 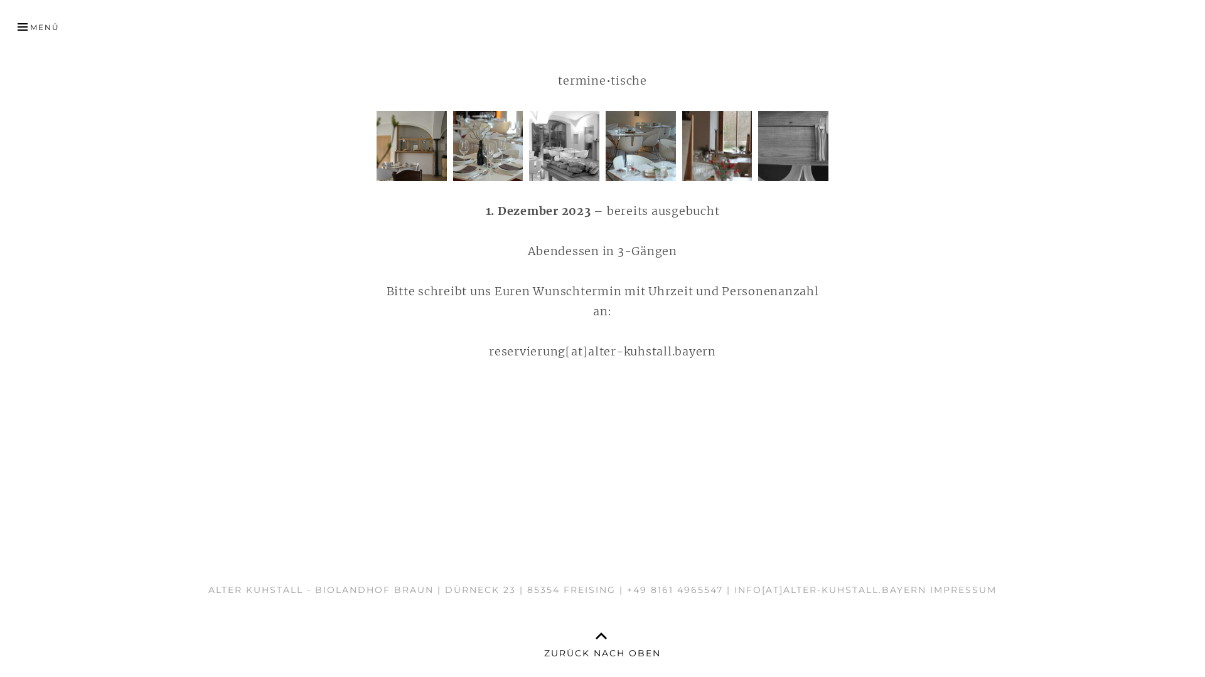 I want to click on 'Raum 2', so click(x=487, y=145).